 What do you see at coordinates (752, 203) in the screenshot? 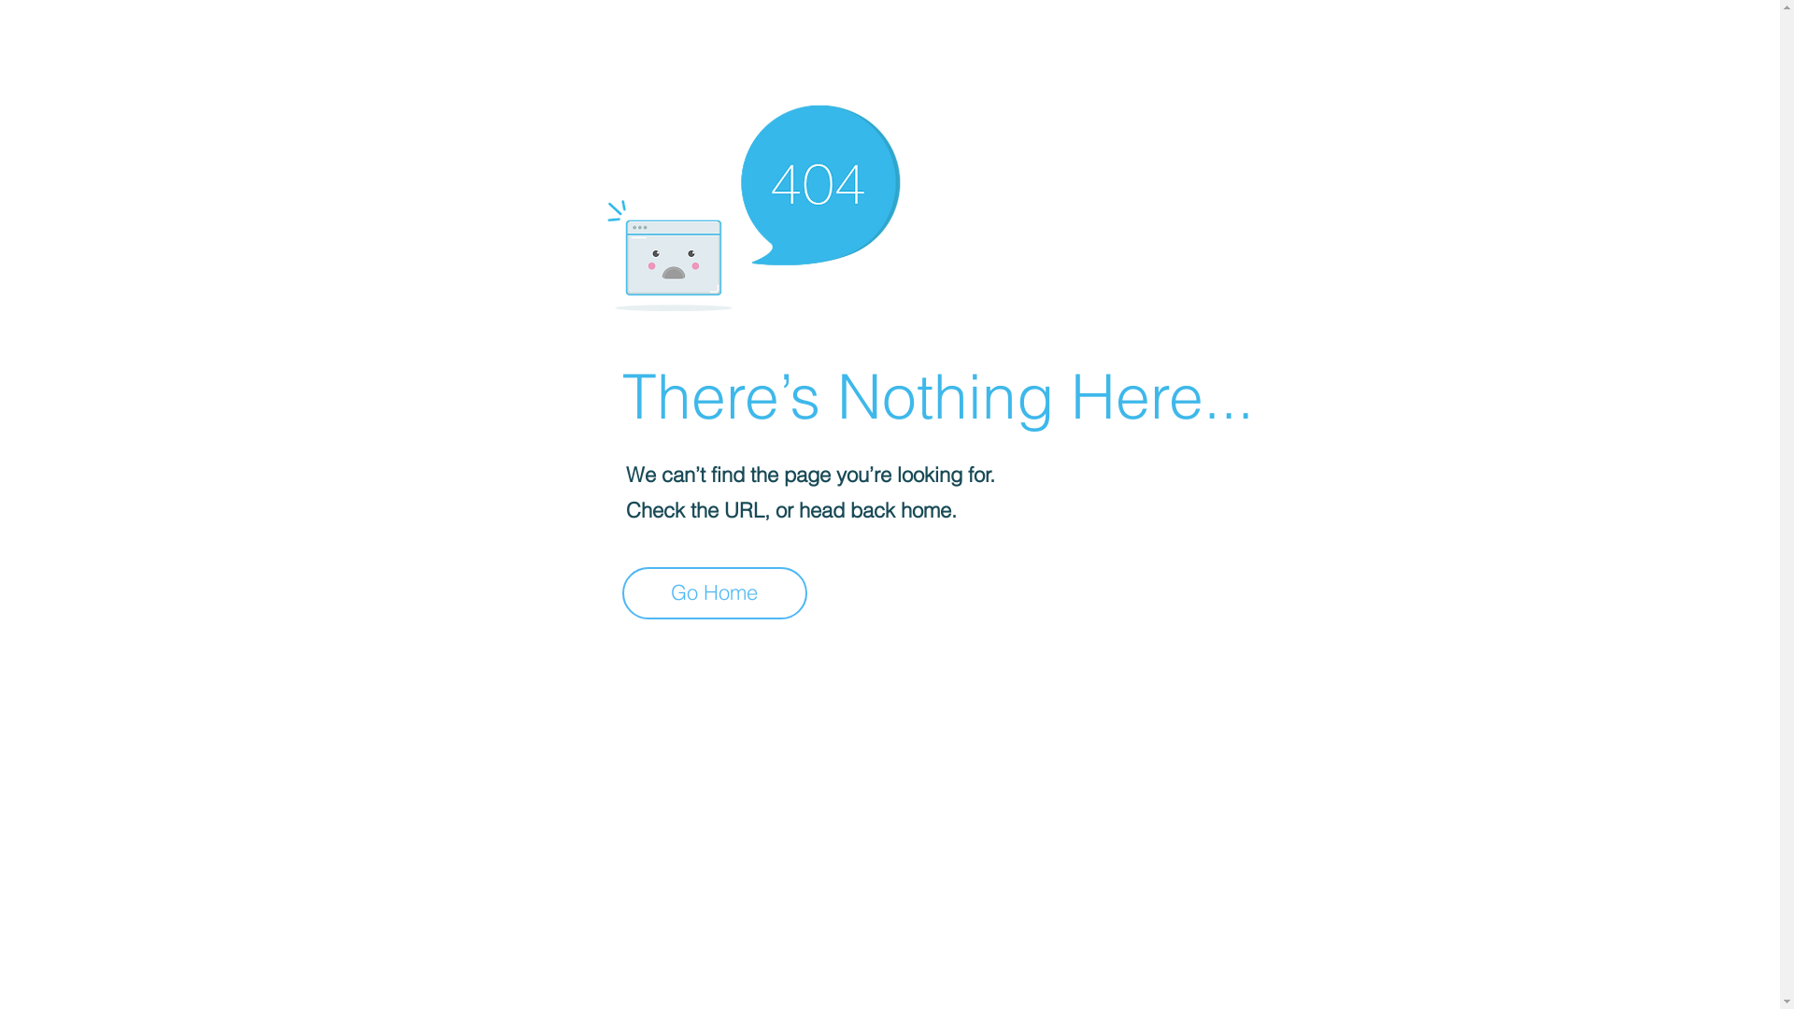
I see `'404-icon_2.png'` at bounding box center [752, 203].